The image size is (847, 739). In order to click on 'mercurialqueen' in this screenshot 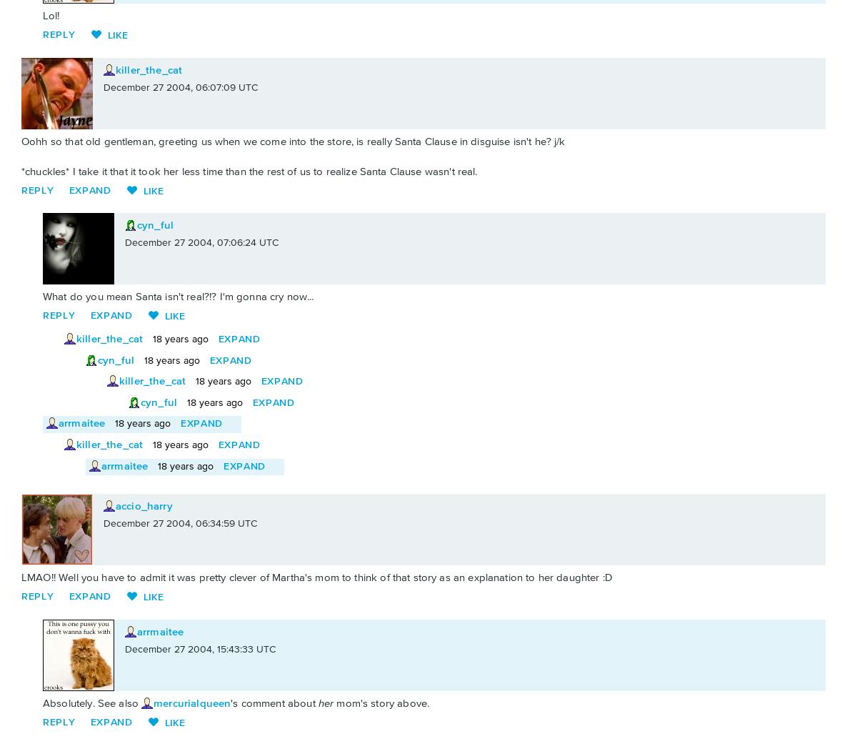, I will do `click(191, 702)`.